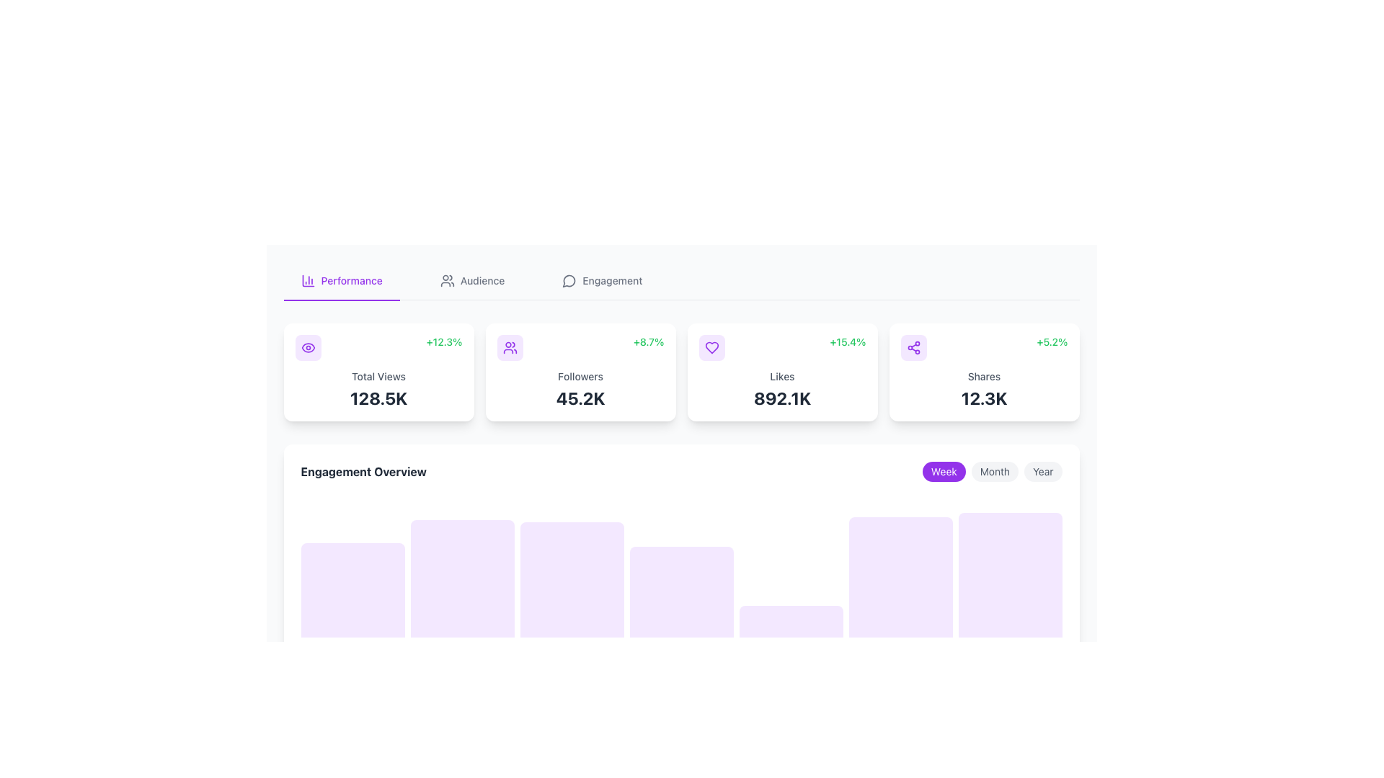 Image resolution: width=1384 pixels, height=778 pixels. I want to click on the sixth column of the bar chart in the 'Engagement Overview' section, so click(900, 576).